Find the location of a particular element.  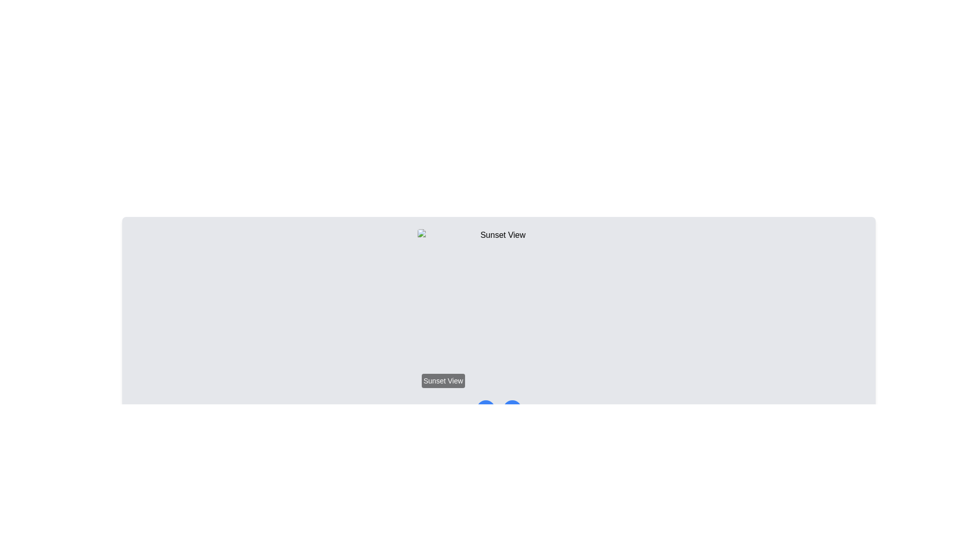

the gray circle of the carousel indicator is located at coordinates (499, 430).